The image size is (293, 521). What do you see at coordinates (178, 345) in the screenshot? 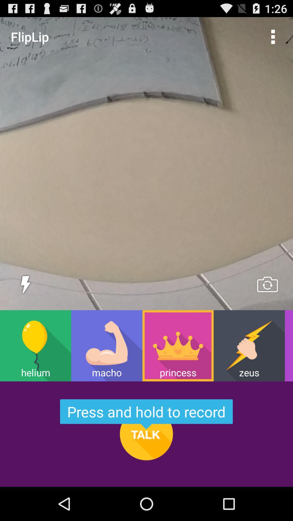
I see `the item next to macho` at bounding box center [178, 345].